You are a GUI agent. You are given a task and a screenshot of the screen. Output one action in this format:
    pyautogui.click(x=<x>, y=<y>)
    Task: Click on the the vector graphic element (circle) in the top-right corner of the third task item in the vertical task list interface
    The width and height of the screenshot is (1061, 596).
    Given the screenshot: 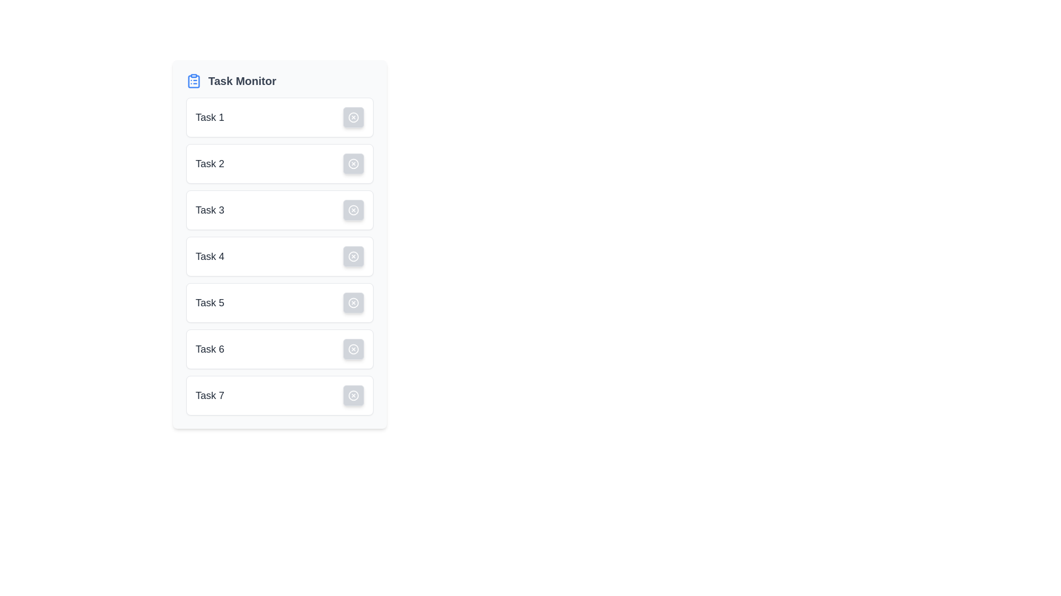 What is the action you would take?
    pyautogui.click(x=353, y=210)
    